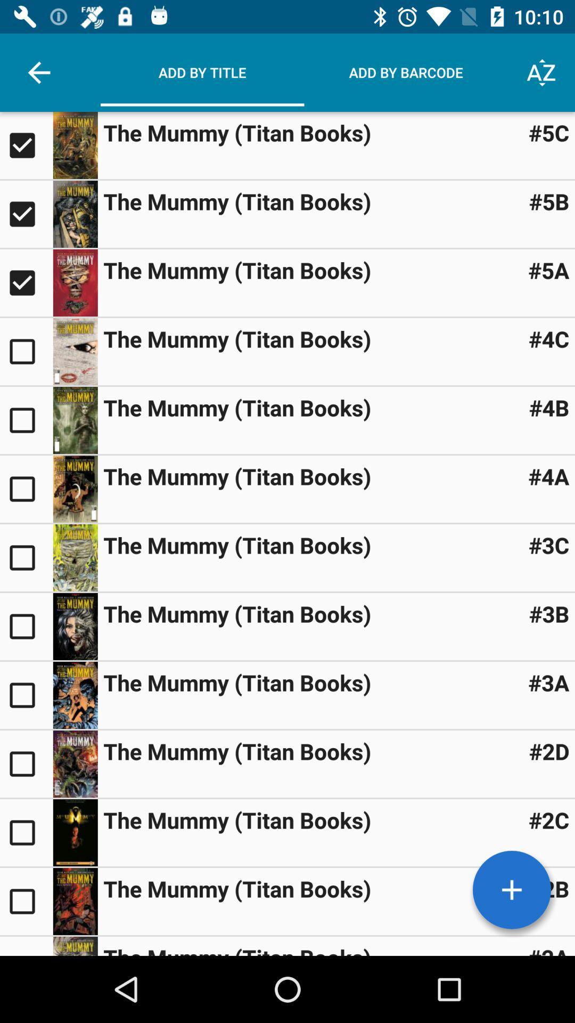 This screenshot has width=575, height=1023. Describe the element at coordinates (541, 72) in the screenshot. I see `the item next to the add by barcode` at that location.